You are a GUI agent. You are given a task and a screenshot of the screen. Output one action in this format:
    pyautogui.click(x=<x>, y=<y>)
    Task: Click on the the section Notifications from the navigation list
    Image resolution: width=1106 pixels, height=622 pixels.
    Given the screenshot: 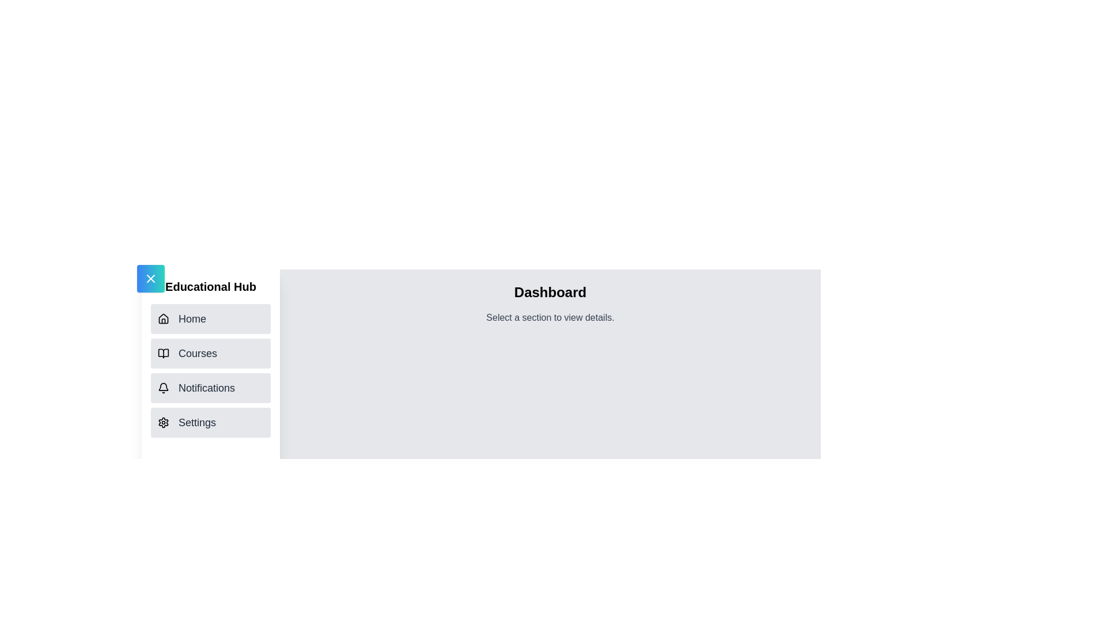 What is the action you would take?
    pyautogui.click(x=210, y=388)
    